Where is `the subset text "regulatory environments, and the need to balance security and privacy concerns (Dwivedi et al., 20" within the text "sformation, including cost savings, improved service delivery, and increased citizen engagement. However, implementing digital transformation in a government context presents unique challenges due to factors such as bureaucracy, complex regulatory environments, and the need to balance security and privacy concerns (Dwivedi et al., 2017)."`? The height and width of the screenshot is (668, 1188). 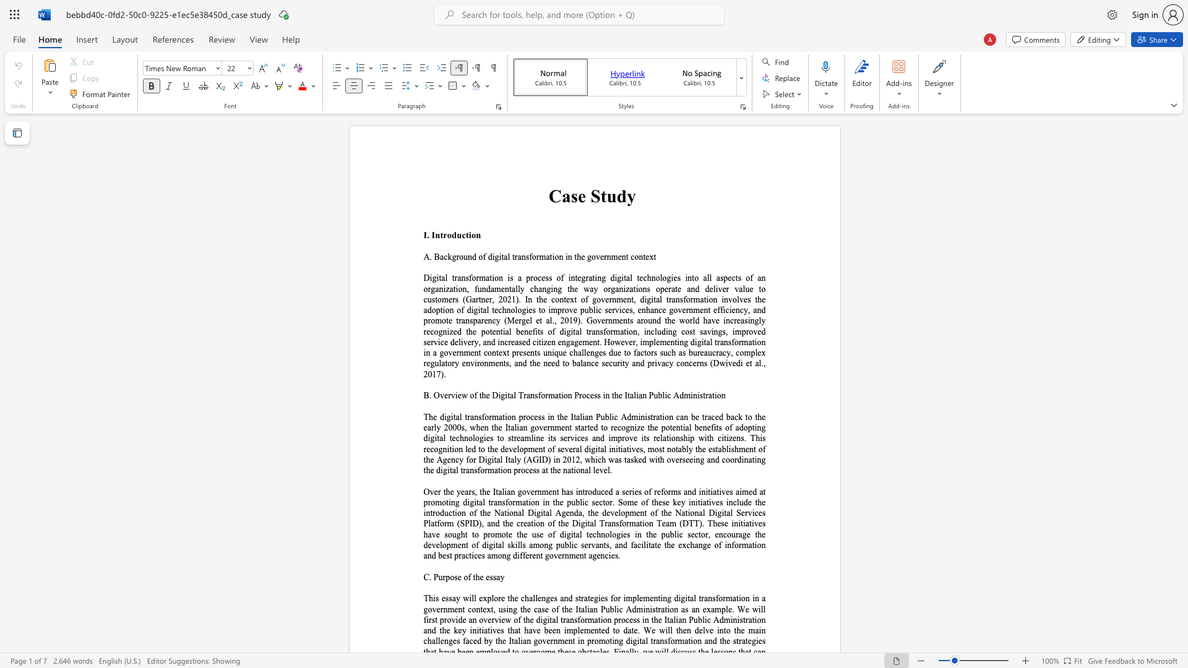 the subset text "regulatory environments, and the need to balance security and privacy concerns (Dwivedi et al., 20" within the text "sformation, including cost savings, improved service delivery, and increased citizen engagement. However, implementing digital transformation in a government context presents unique challenges due to factors such as bureaucracy, complex regulatory environments, and the need to balance security and privacy concerns (Dwivedi et al., 2017)." is located at coordinates (423, 362).